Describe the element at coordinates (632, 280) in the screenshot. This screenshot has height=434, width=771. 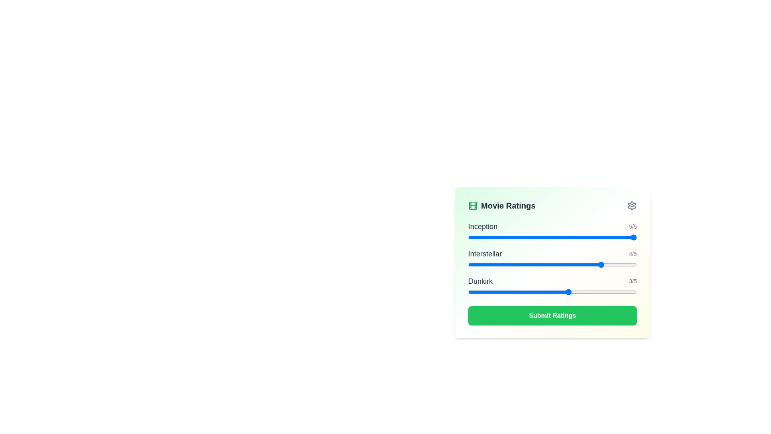
I see `the text label displaying the rating value for 'Dunkirk', located next to the progress bar in the rating section` at that location.